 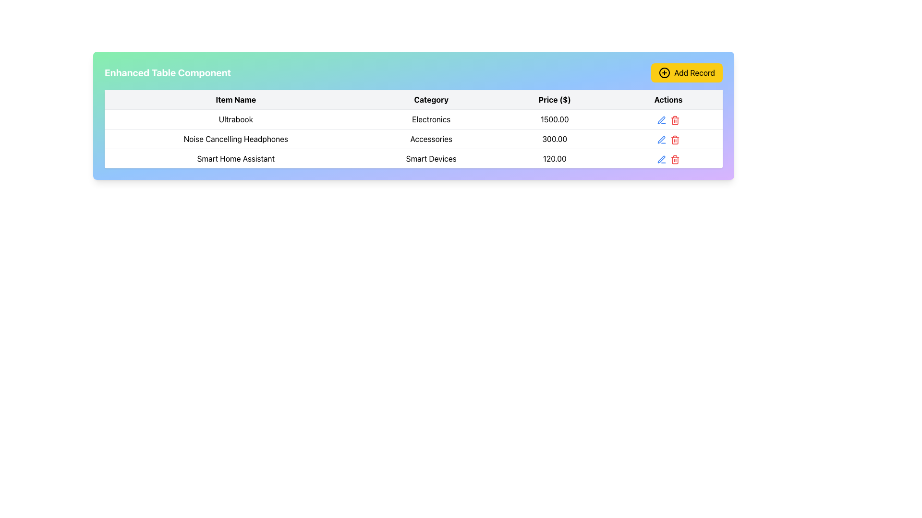 What do you see at coordinates (661, 139) in the screenshot?
I see `the edit button icon in the Actions column of the table, aligned with the Noise Cancelling Headphones row` at bounding box center [661, 139].